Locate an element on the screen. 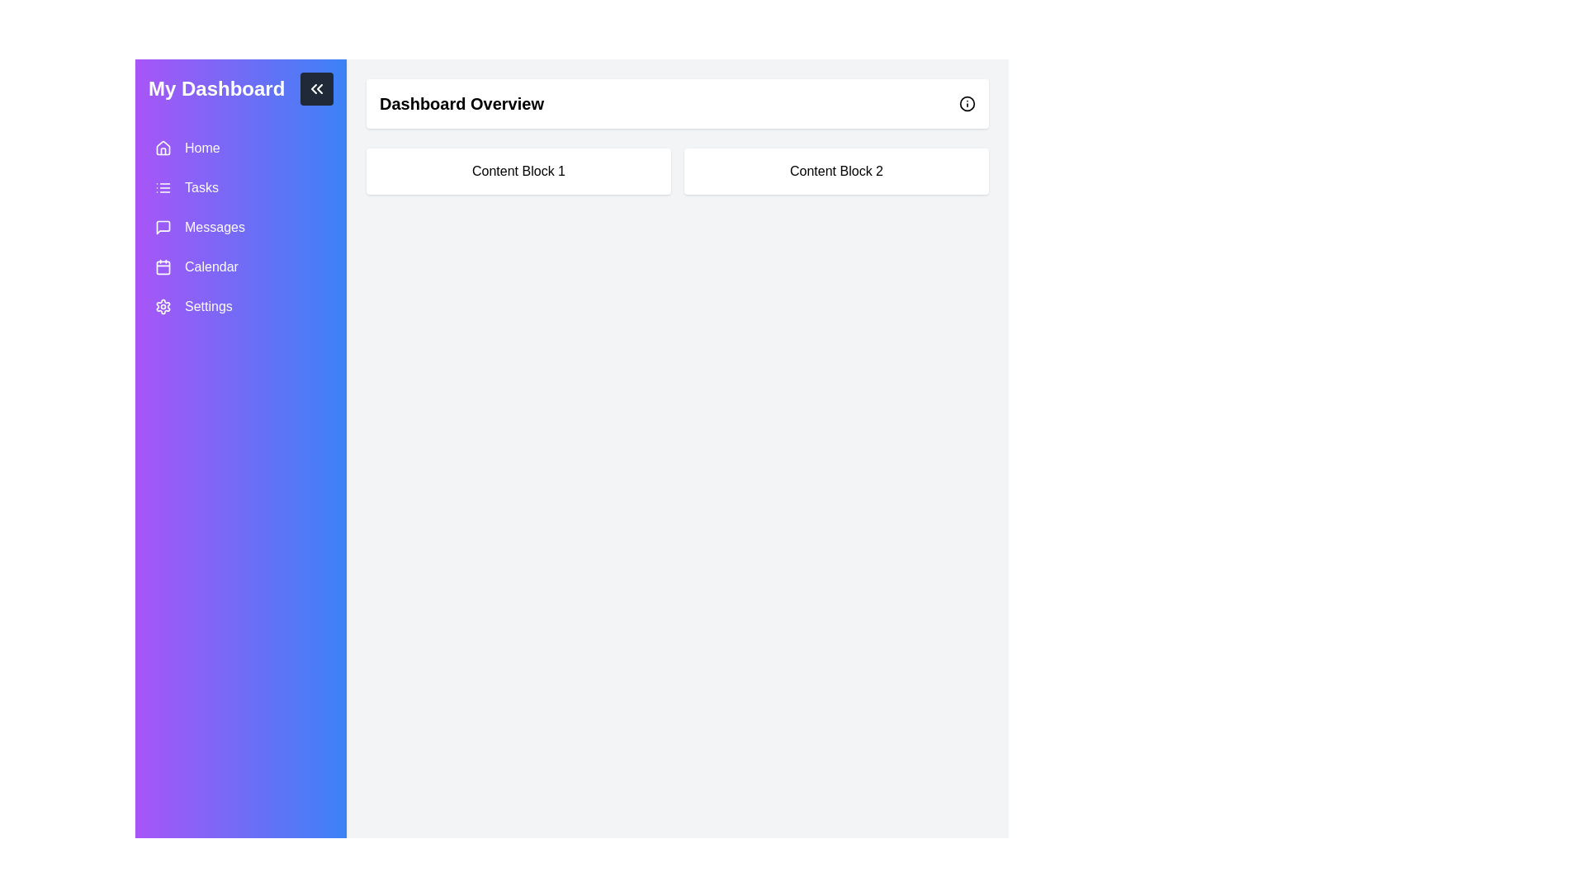  the third navigation item in the left sidebar is located at coordinates (240, 228).